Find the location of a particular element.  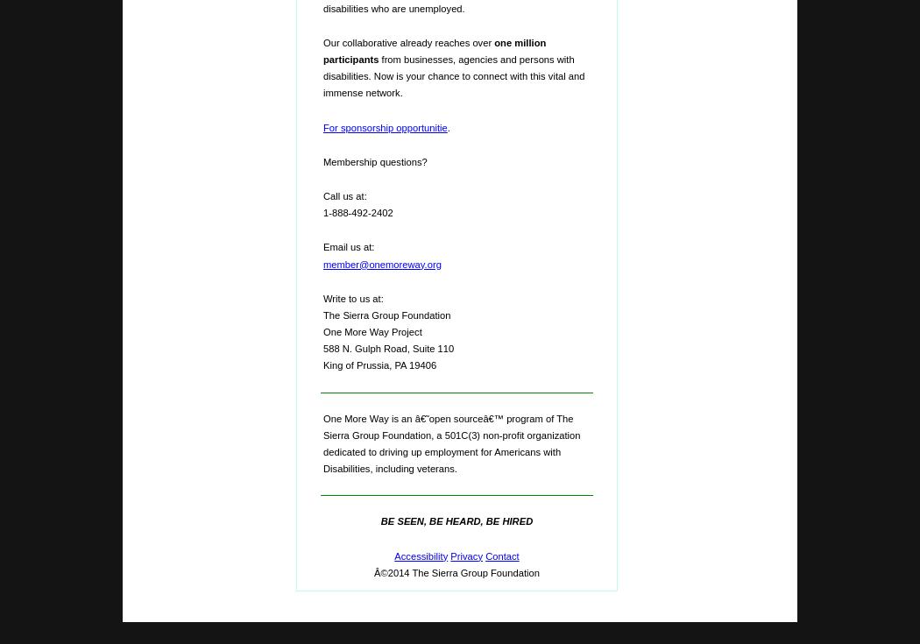

'Â©2014 The Sierra Group Foundation' is located at coordinates (456, 570).